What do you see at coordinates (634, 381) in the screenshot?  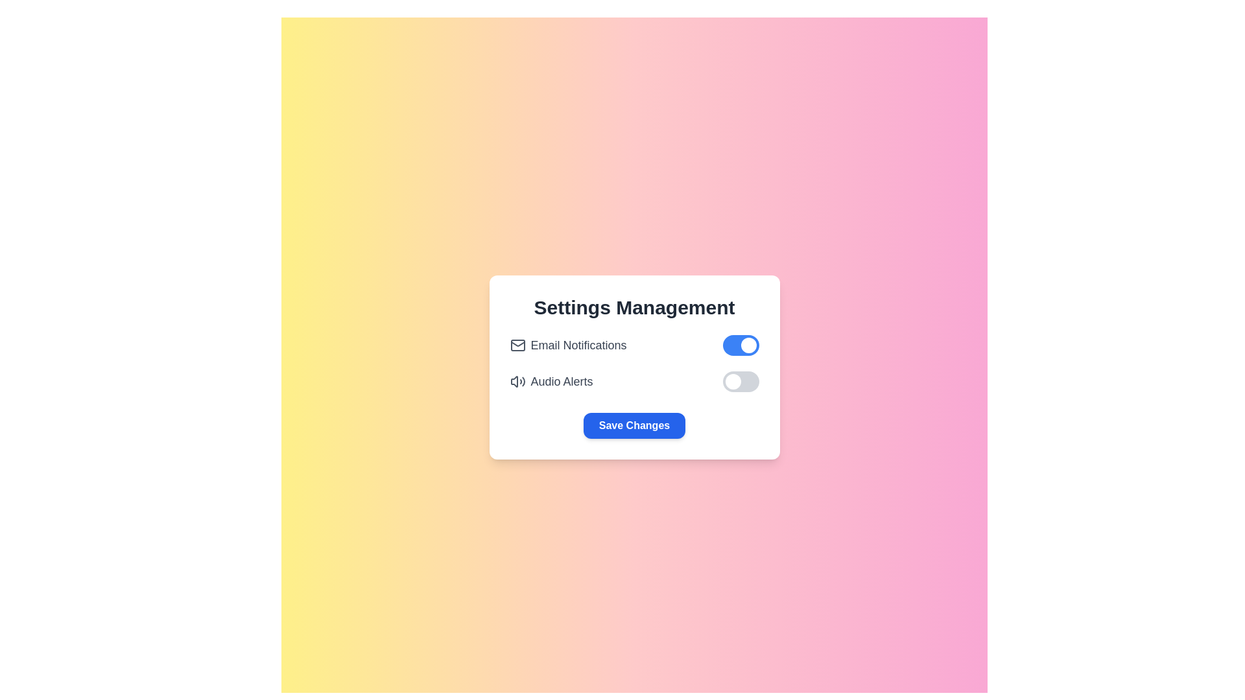 I see `the toggle switch` at bounding box center [634, 381].